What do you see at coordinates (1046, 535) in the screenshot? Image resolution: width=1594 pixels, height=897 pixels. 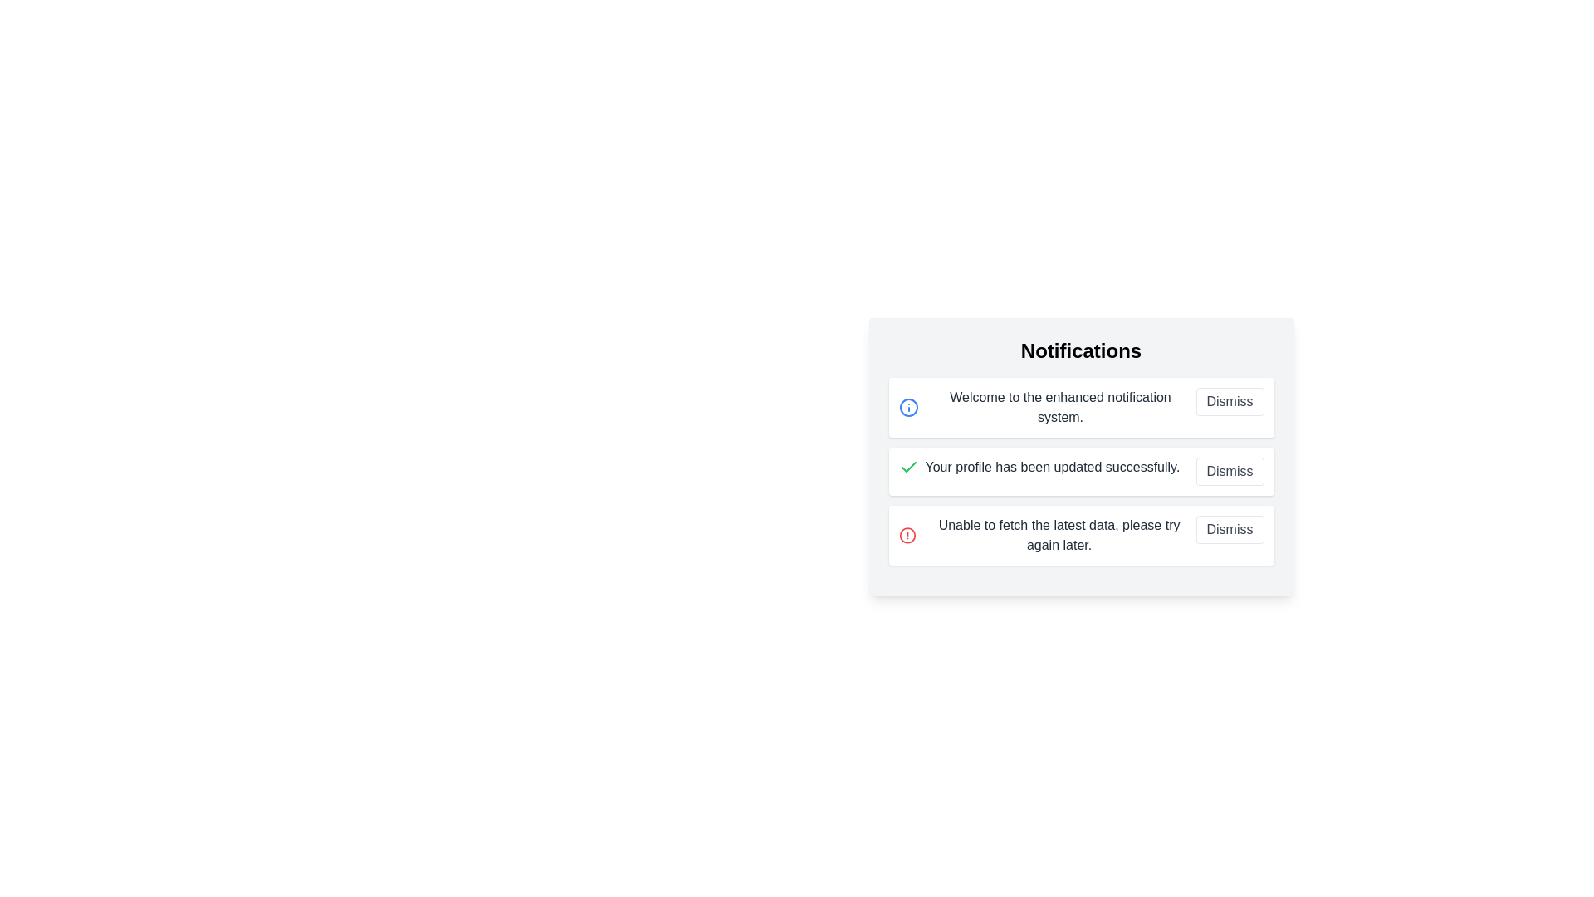 I see `message content from the alert message component indicating a failure to fetch the latest data` at bounding box center [1046, 535].